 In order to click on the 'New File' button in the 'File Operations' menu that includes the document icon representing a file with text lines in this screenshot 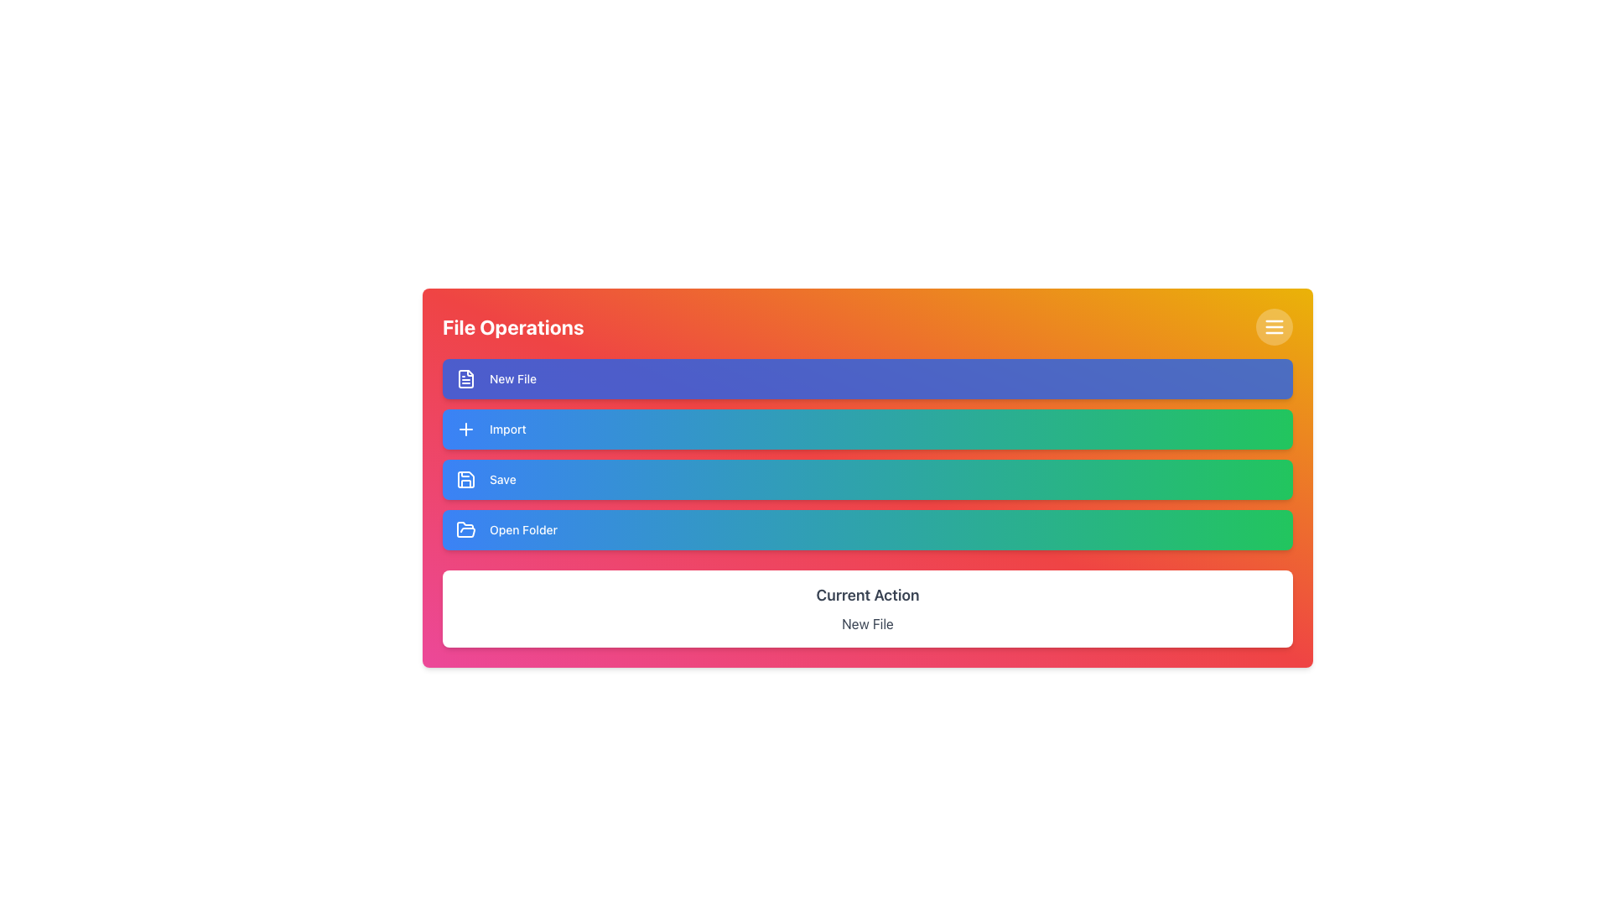, I will do `click(466, 378)`.